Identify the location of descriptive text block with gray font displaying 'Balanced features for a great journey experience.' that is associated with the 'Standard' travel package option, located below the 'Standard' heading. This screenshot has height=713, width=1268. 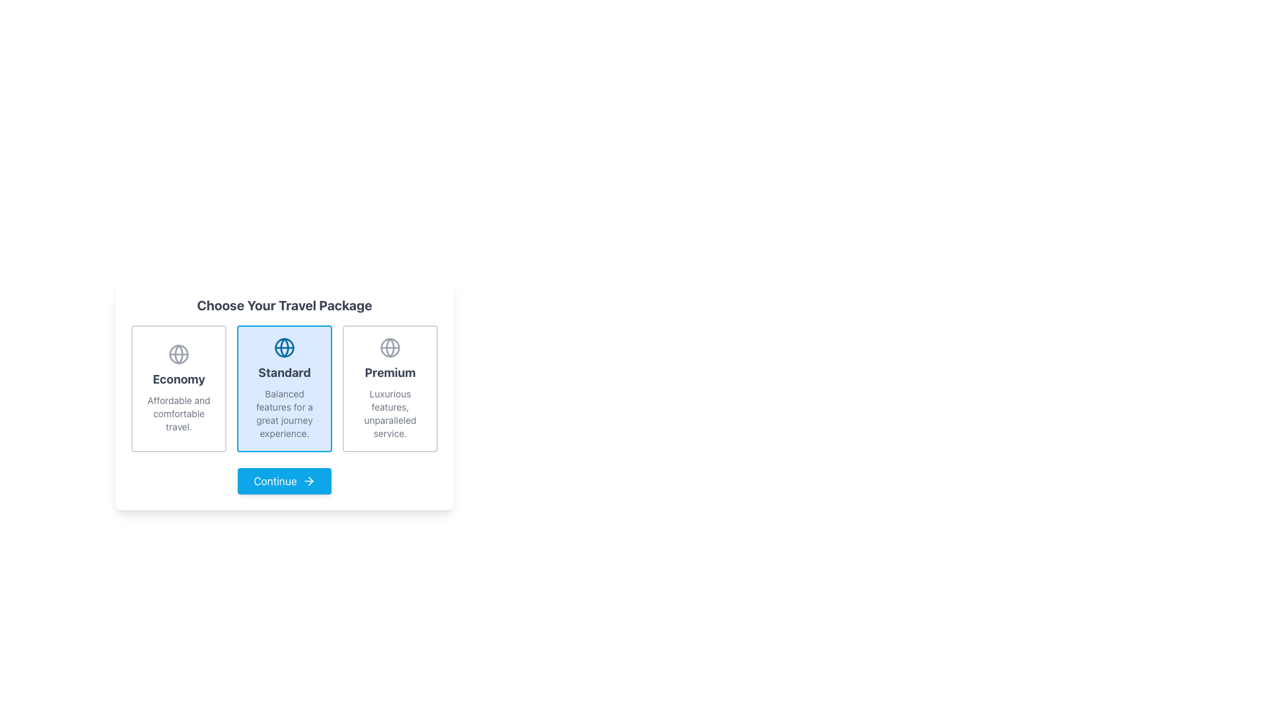
(284, 413).